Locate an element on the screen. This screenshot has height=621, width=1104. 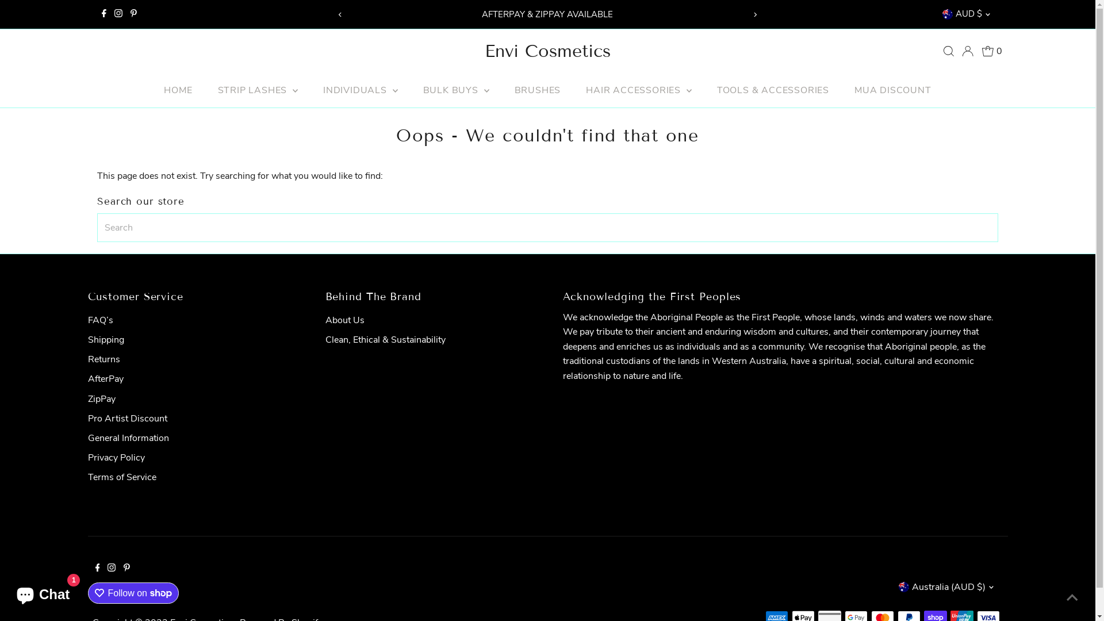
'HOME' is located at coordinates (177, 90).